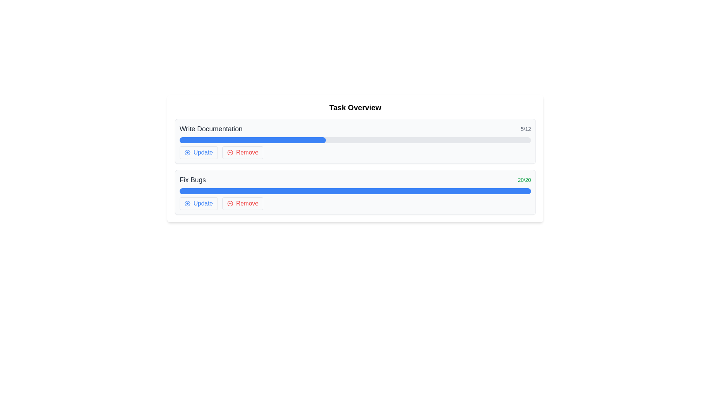 The height and width of the screenshot is (405, 720). Describe the element at coordinates (187, 204) in the screenshot. I see `the circular icon with a border located at the top-left of the 'Fix Bugs' task row, adjacent to the 'Update' button` at that location.